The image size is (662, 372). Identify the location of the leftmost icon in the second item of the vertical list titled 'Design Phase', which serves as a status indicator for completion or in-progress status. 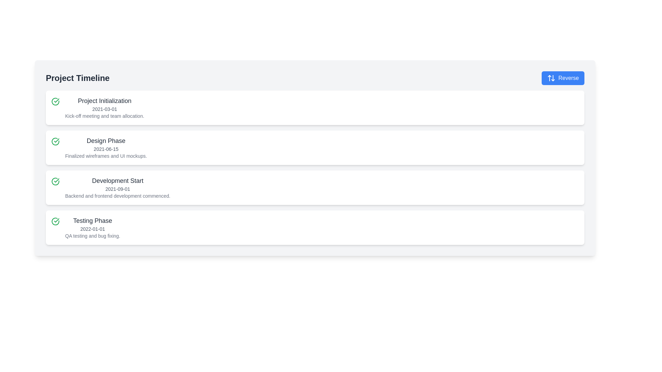
(56, 141).